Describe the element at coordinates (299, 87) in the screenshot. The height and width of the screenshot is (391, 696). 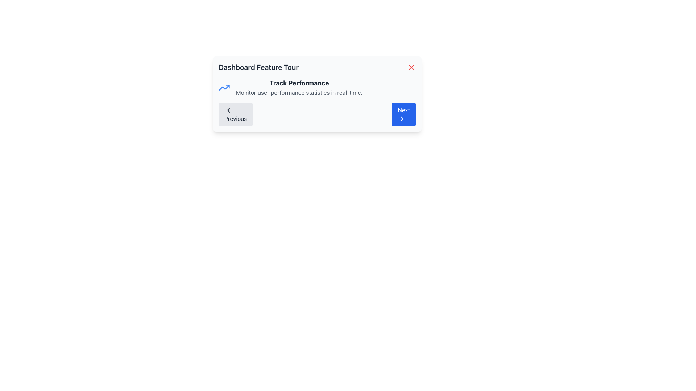
I see `the centrally located text block that provides a title and brief explanatory subtitle, summarizing the purpose or feature of the section` at that location.